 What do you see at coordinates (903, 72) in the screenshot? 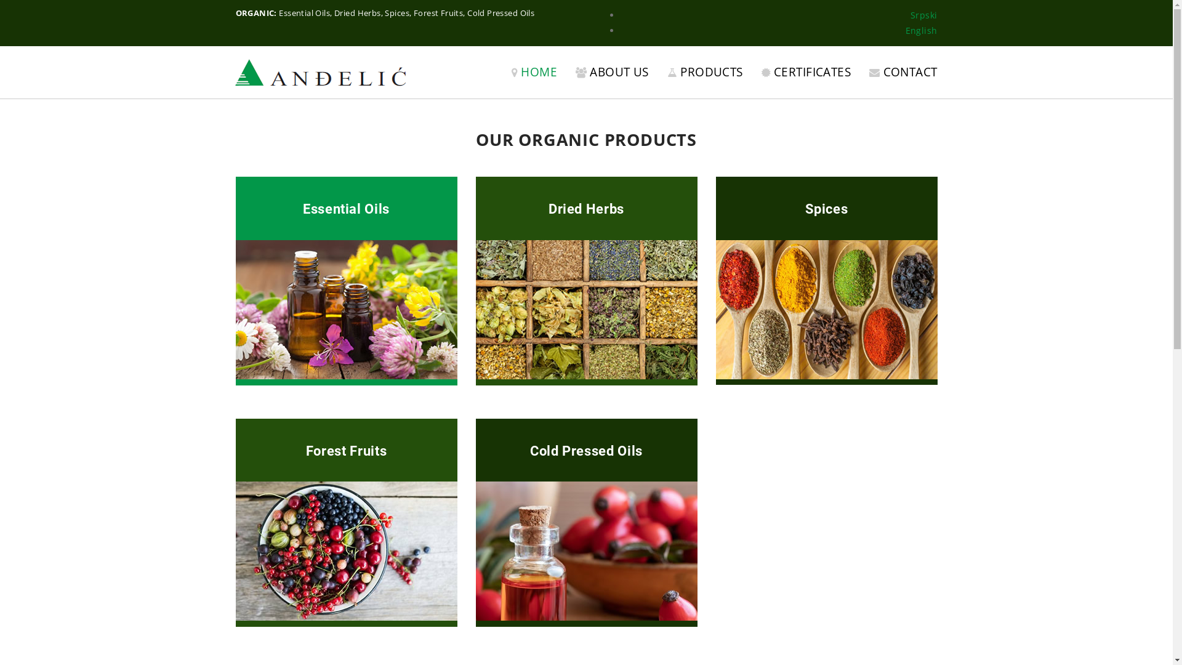
I see `'CONTACT'` at bounding box center [903, 72].